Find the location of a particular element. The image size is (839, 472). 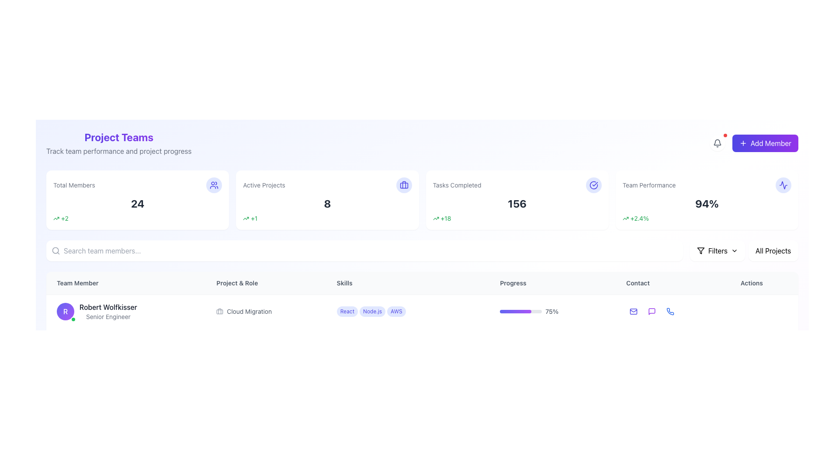

the associated icon of the 'Cloud Migration' label, which is styled with a briefcase icon and is located under the 'Project & Role' column in the team members grid is located at coordinates (266, 311).